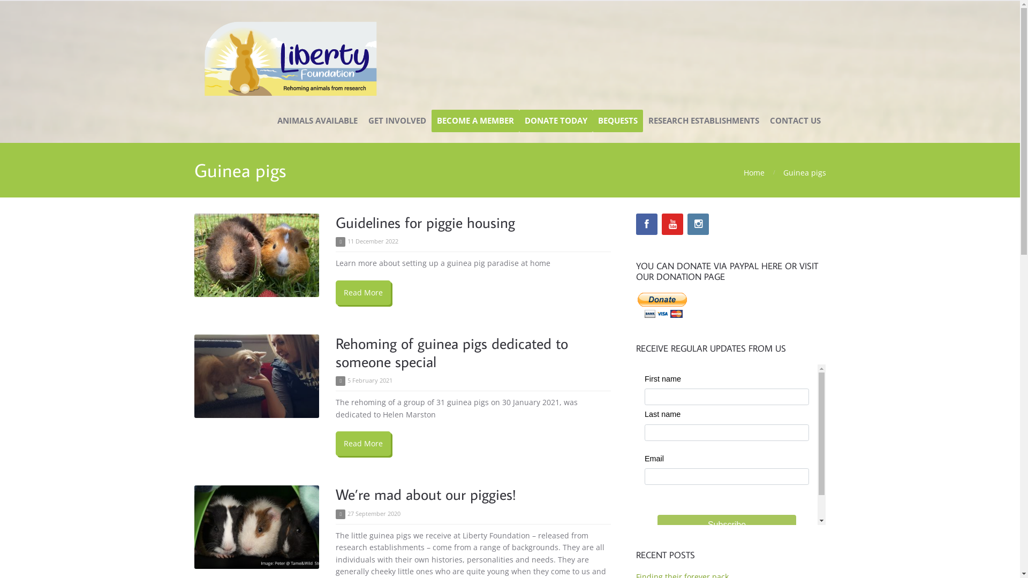  Describe the element at coordinates (783, 172) in the screenshot. I see `'Guinea pigs'` at that location.